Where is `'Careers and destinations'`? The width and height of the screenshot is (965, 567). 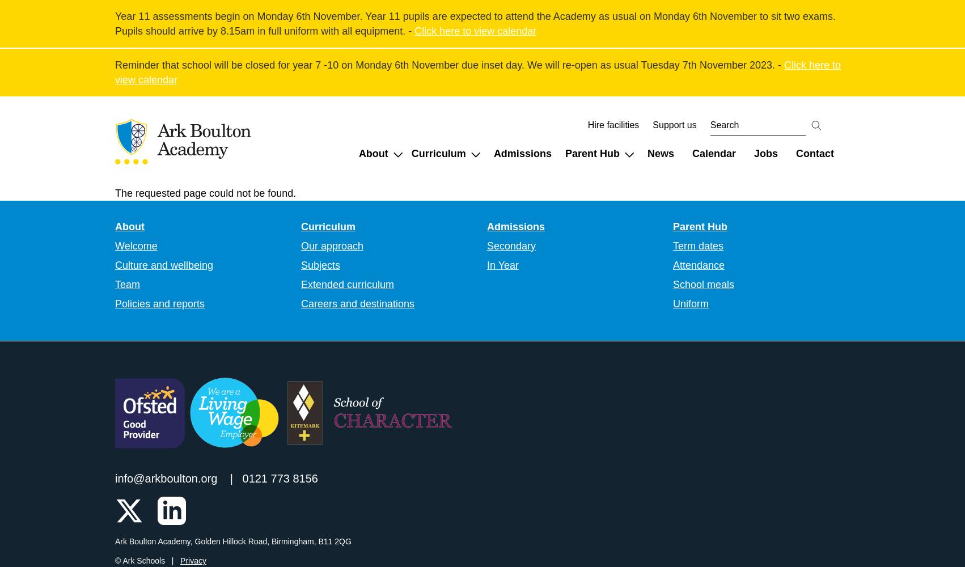
'Careers and destinations' is located at coordinates (357, 303).